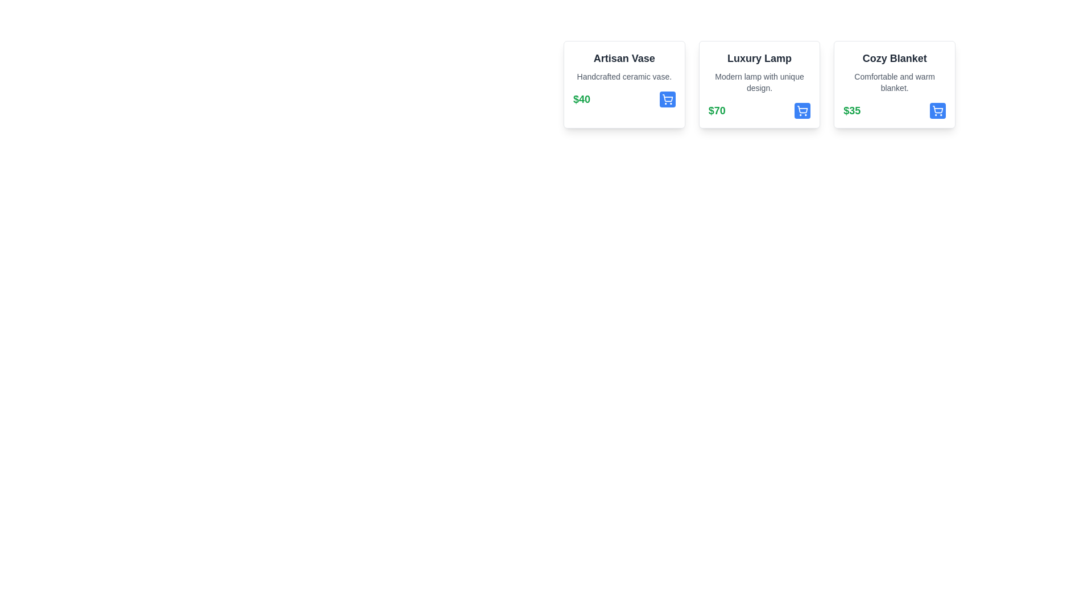 Image resolution: width=1092 pixels, height=614 pixels. I want to click on the shopping cart button with a blue background and white icon, located next to the '$35' price label in the card labeled 'Cozy Blanket', so click(938, 111).